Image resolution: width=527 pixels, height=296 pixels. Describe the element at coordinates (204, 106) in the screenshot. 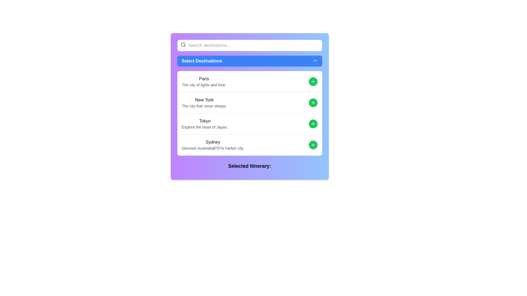

I see `the descriptive text element that serves as a subtitle for 'New York', located directly below it` at that location.